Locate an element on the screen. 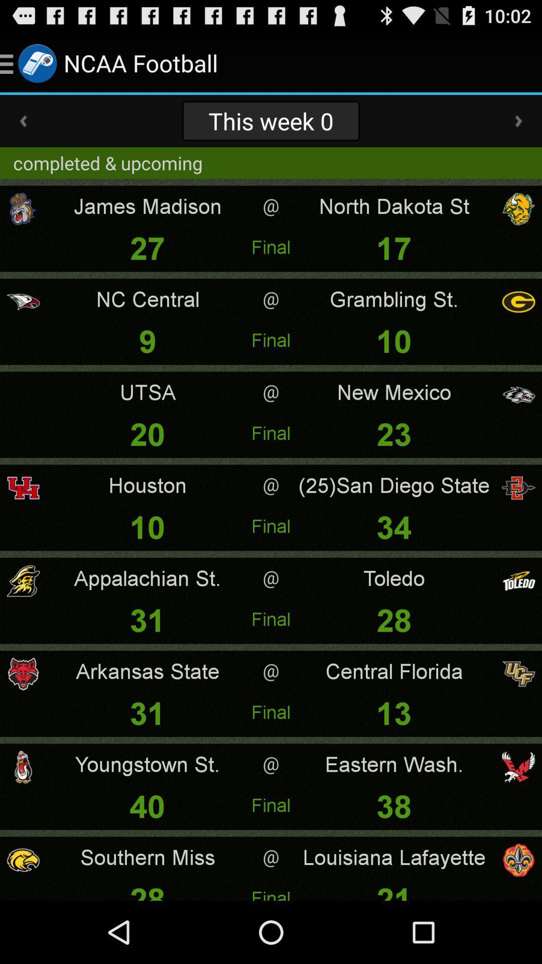 This screenshot has width=542, height=964. the arrow_forward icon is located at coordinates (518, 129).